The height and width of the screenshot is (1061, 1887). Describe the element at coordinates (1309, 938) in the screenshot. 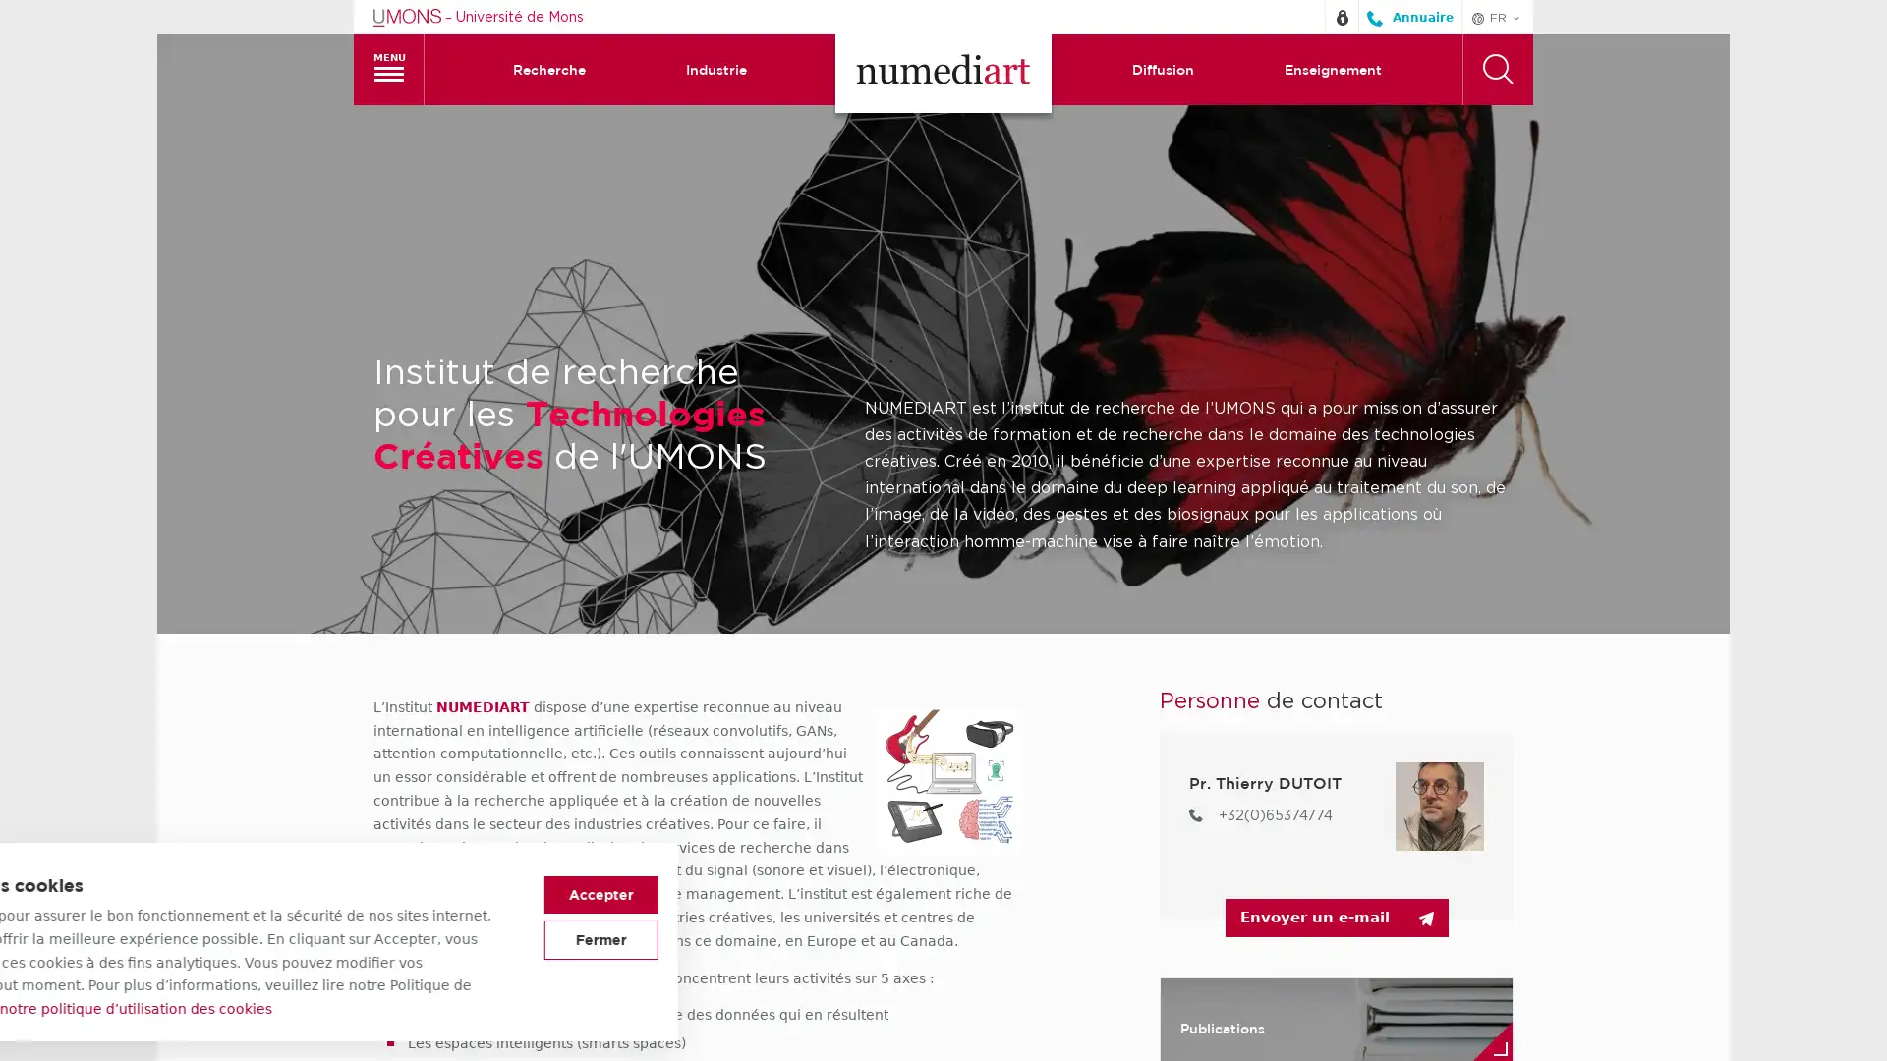

I see `Fermer` at that location.